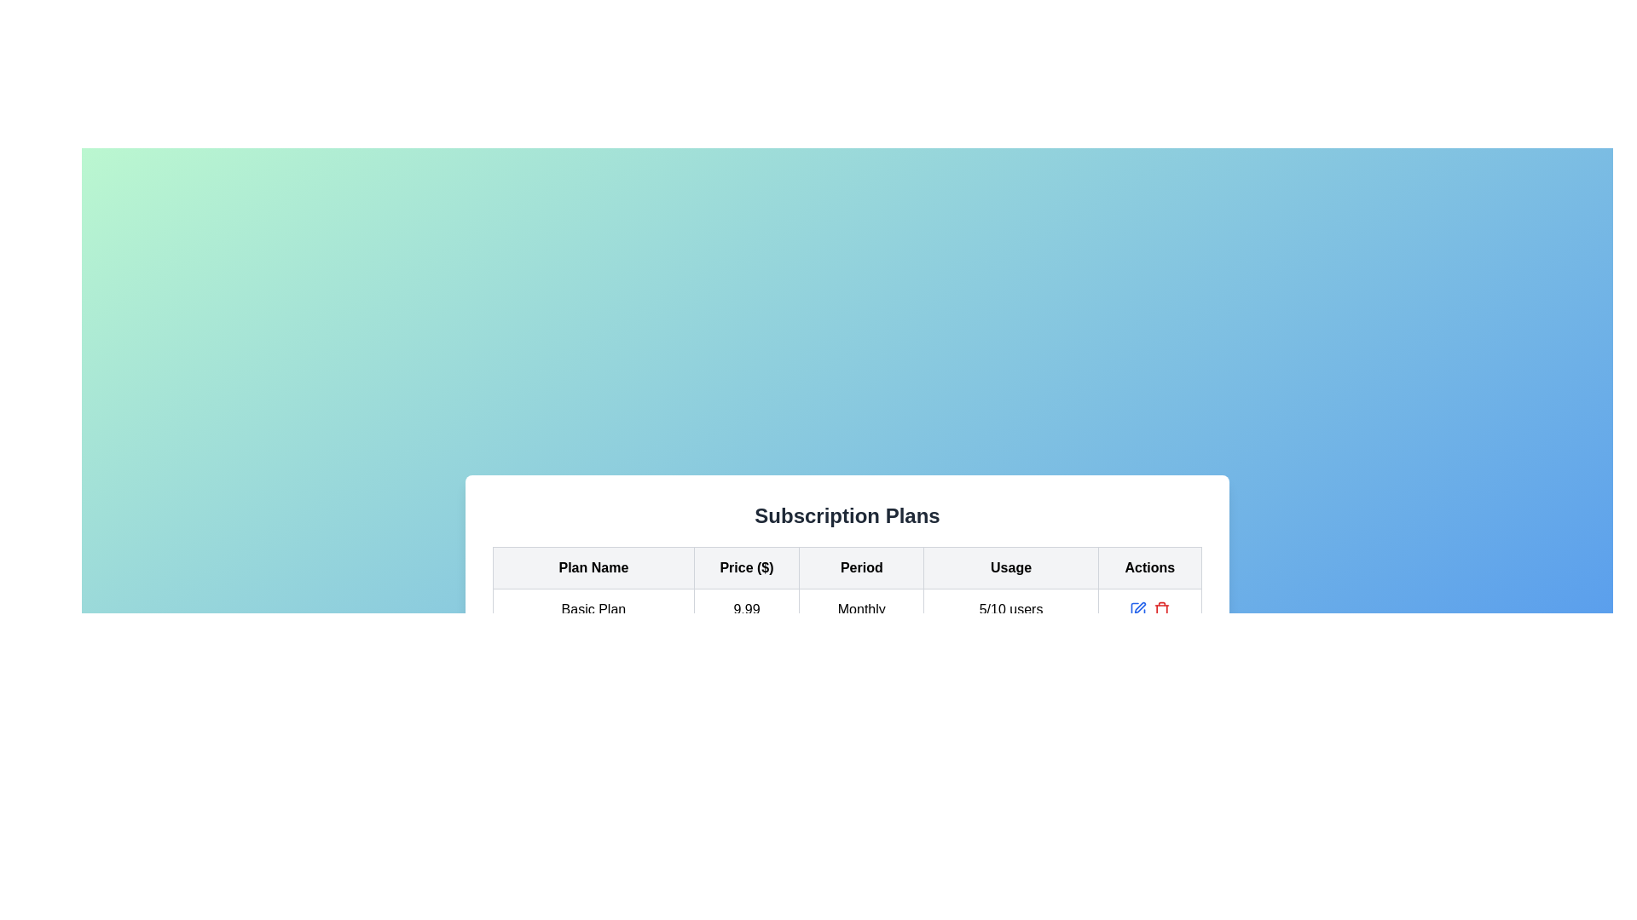  Describe the element at coordinates (847, 607) in the screenshot. I see `the first row of the pricing table that includes 'Basic Plan', '9.99', 'Monthly', and '5/10 users', which is centrally located under the 'Subscription Plans' section` at that location.